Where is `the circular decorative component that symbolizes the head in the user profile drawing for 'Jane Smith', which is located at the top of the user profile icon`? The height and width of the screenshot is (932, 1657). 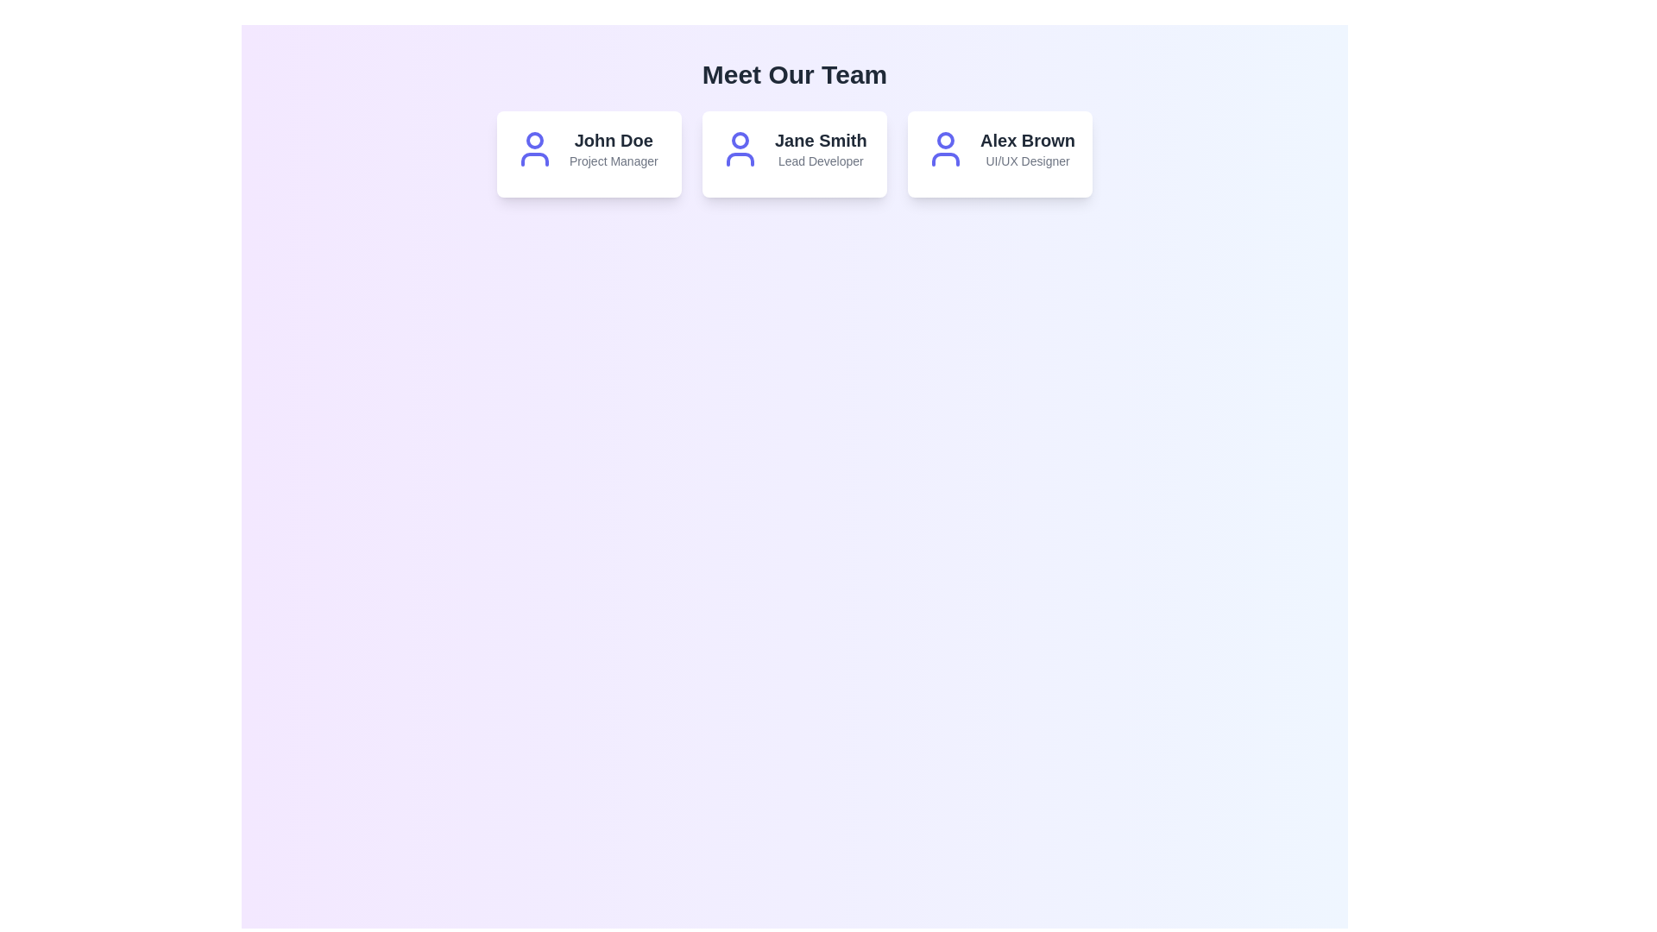
the circular decorative component that symbolizes the head in the user profile drawing for 'Jane Smith', which is located at the top of the user profile icon is located at coordinates (740, 139).